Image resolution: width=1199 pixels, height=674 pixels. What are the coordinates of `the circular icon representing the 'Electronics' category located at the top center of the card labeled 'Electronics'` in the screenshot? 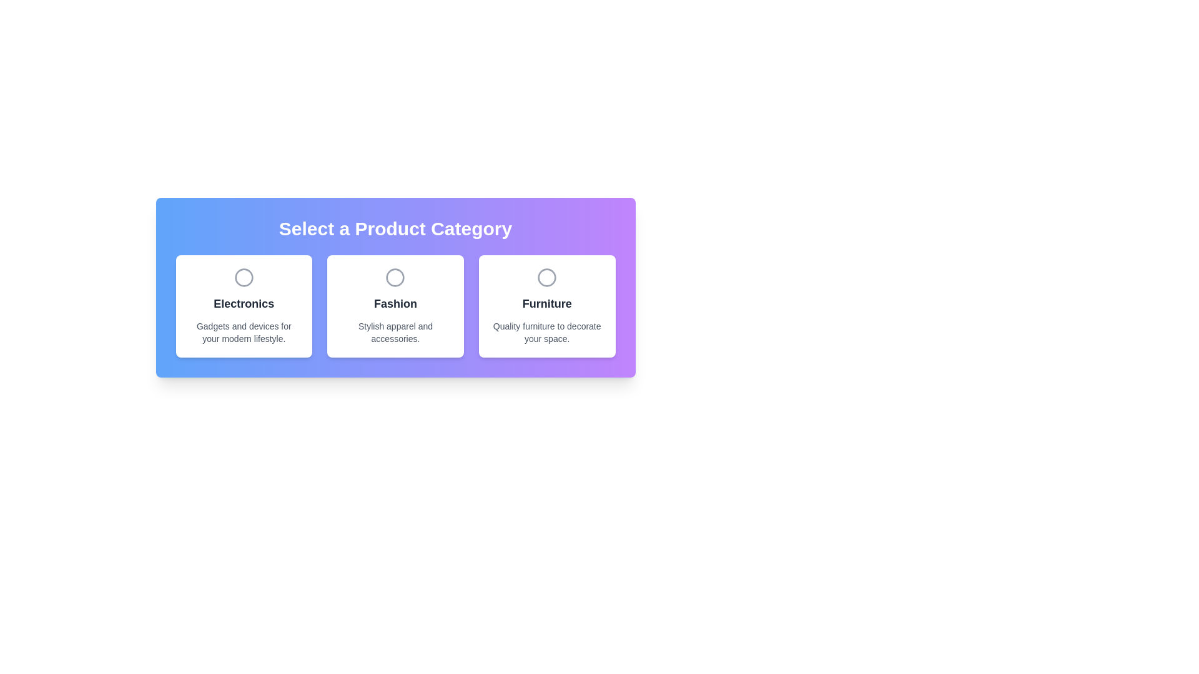 It's located at (244, 276).